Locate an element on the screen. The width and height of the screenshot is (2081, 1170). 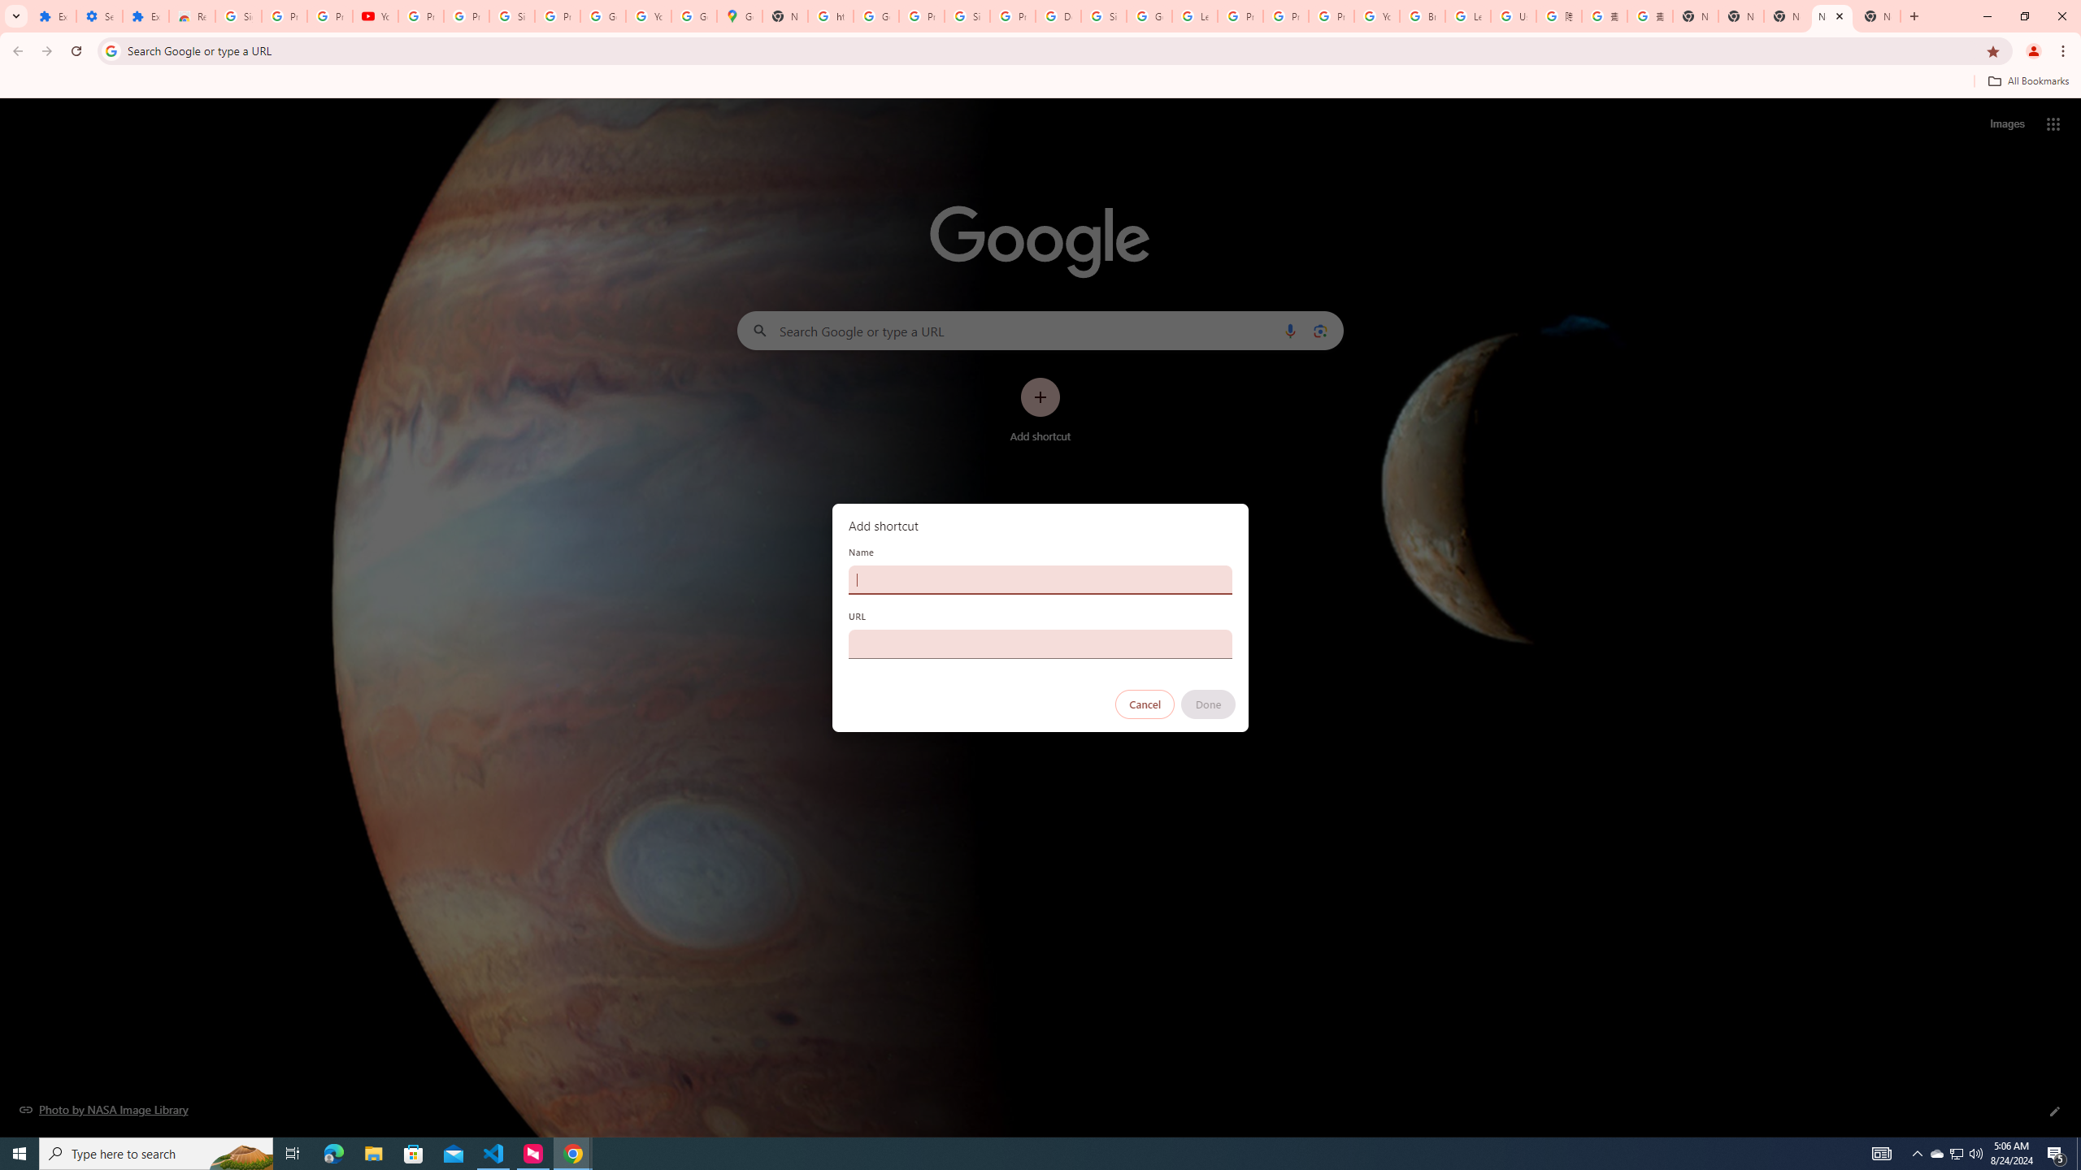
'New Tab' is located at coordinates (1878, 15).